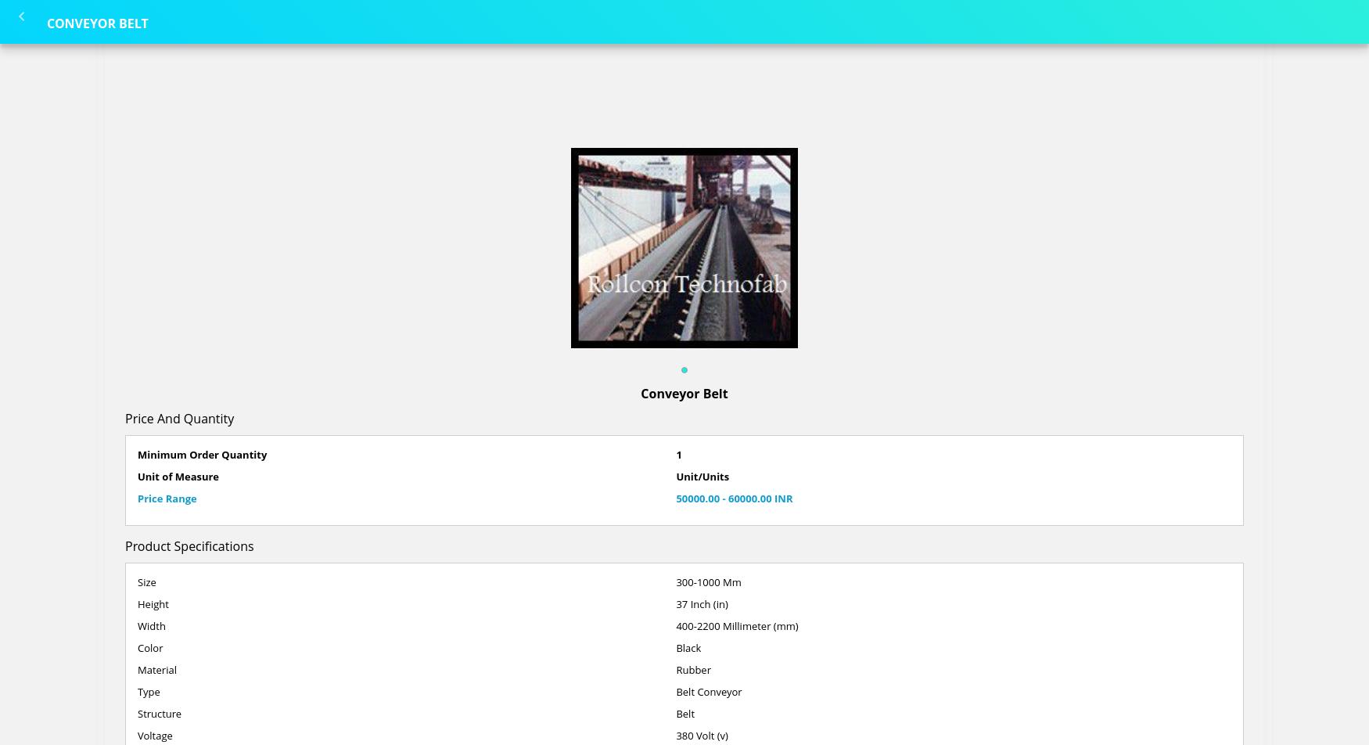 Image resolution: width=1369 pixels, height=745 pixels. What do you see at coordinates (688, 647) in the screenshot?
I see `'Black'` at bounding box center [688, 647].